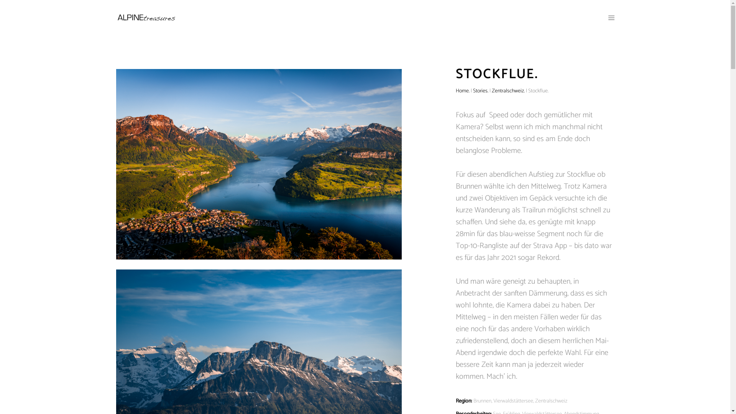 The height and width of the screenshot is (414, 736). I want to click on 'Stories.', so click(480, 90).